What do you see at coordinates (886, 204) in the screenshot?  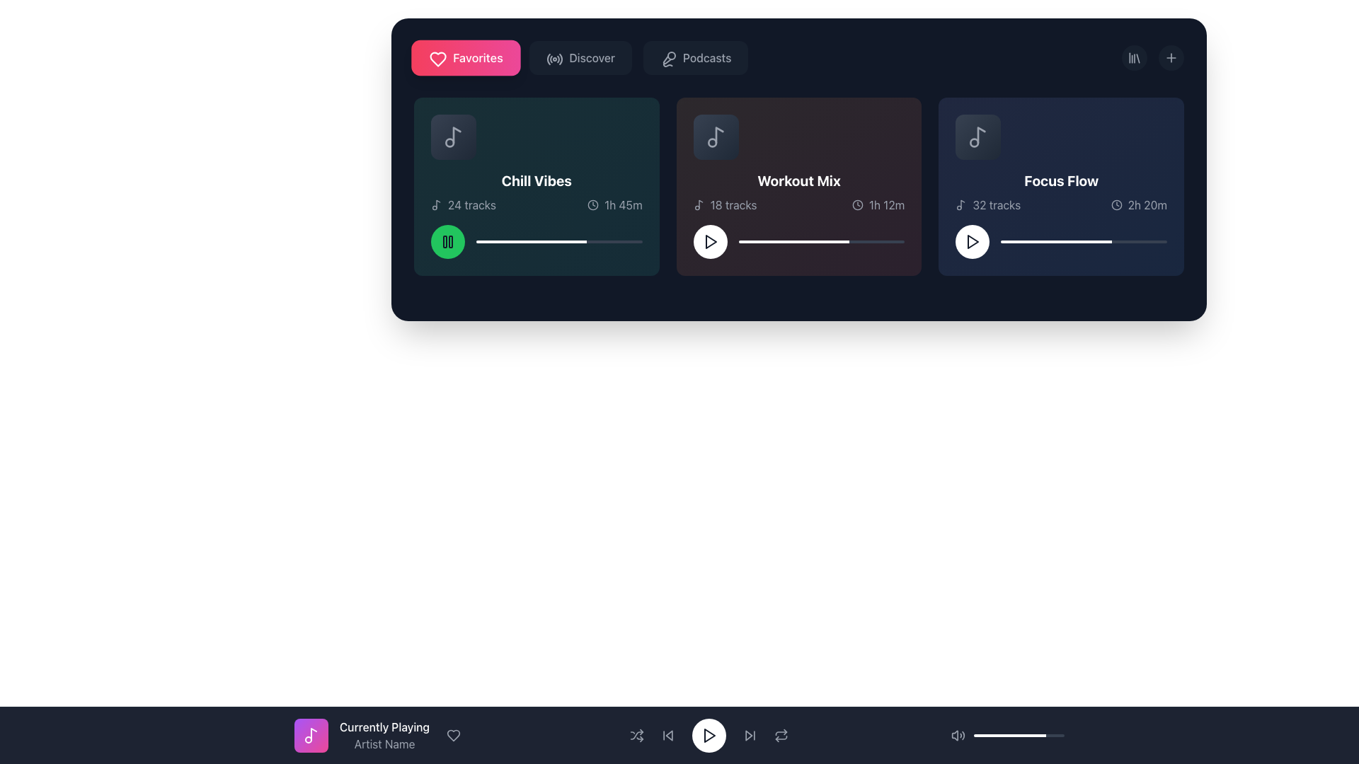 I see `static text label displaying '1h 12m' located to the right of the clock icon within the 'Workout Mix' card` at bounding box center [886, 204].